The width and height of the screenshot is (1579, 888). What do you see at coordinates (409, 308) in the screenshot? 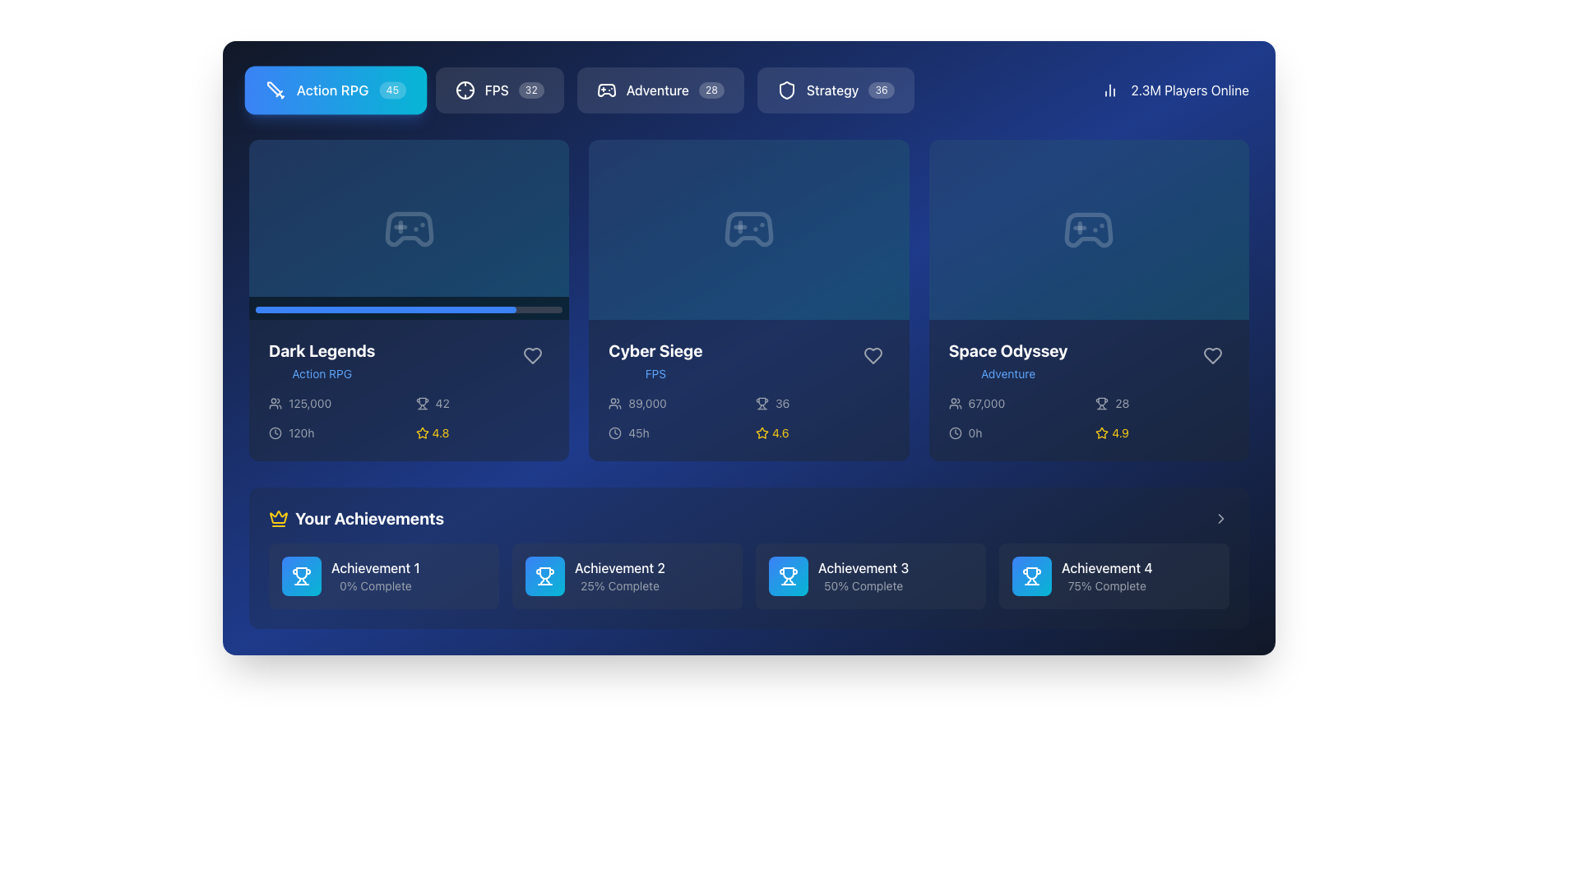
I see `the progress bar located at the bottom of the card layout representing a game, which is horizontally centered and positioned above the text 'Dark Legends'` at bounding box center [409, 308].